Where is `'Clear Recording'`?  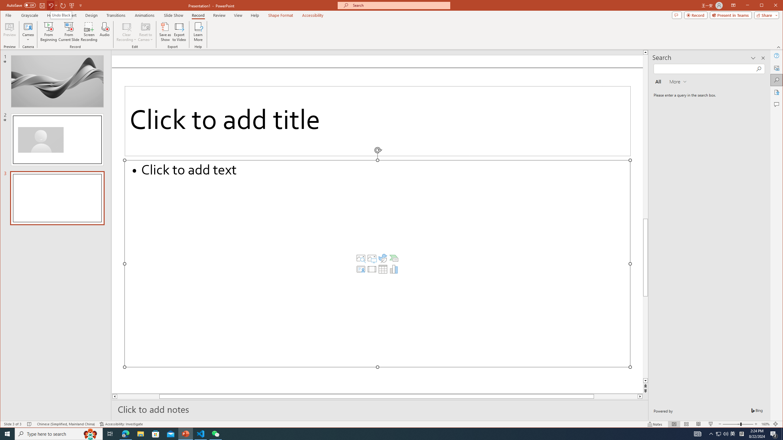 'Clear Recording' is located at coordinates (126, 31).